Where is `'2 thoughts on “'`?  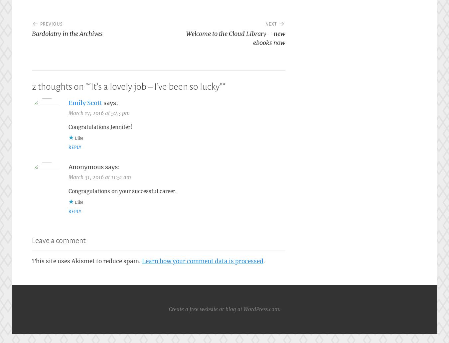 '2 thoughts on “' is located at coordinates (60, 86).